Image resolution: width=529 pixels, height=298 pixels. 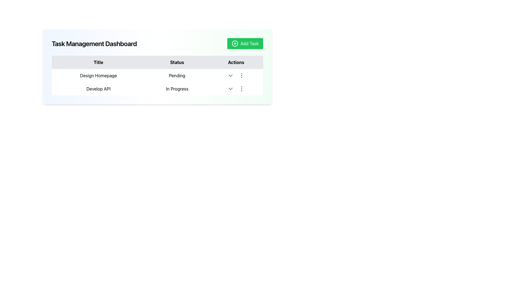 I want to click on the Static text label that serves as the non-interactive header for the 'Actions' column in the table, so click(x=236, y=62).